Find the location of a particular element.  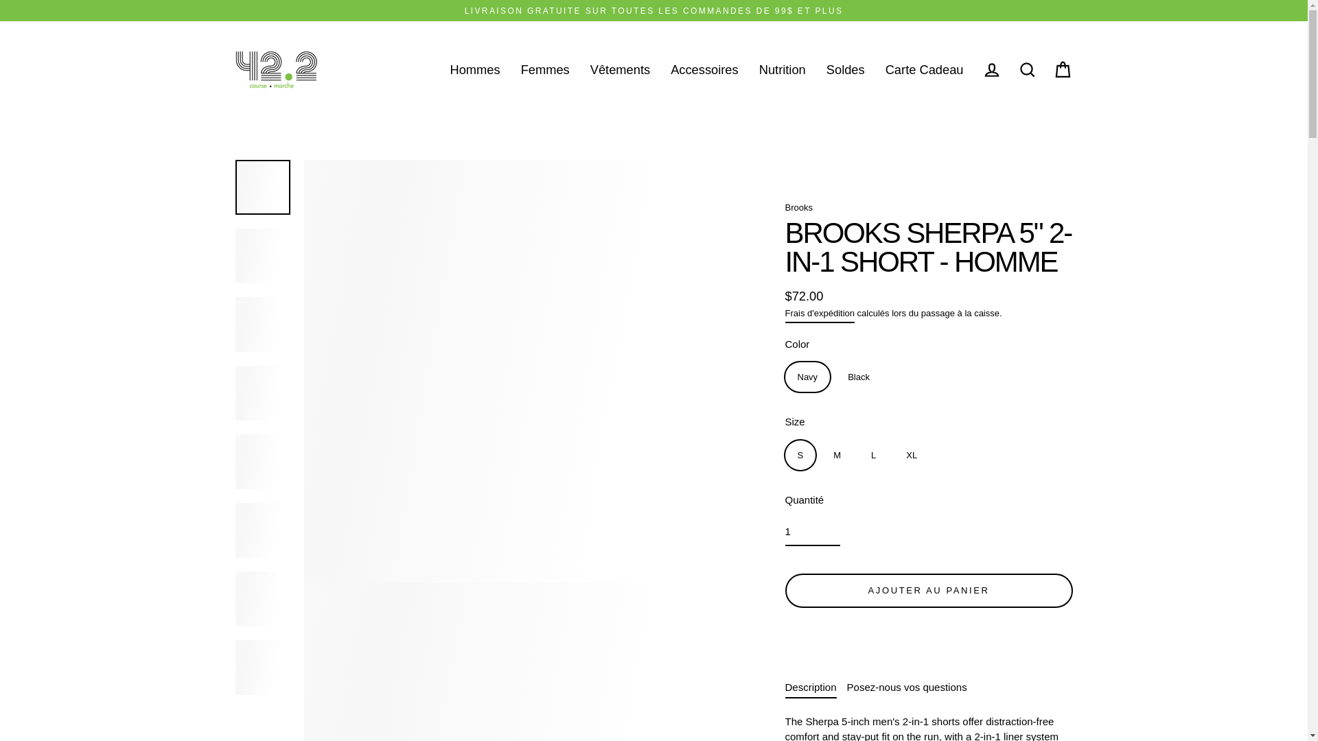

'Description' is located at coordinates (785, 687).